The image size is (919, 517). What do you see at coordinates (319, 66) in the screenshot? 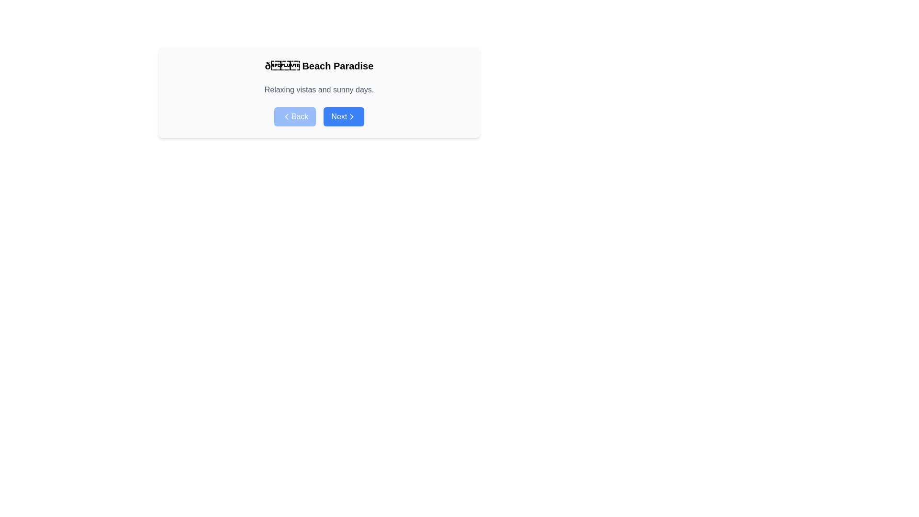
I see `the Text - Heading element that serves as a title for the section content related to a beach or vacation destination` at bounding box center [319, 66].